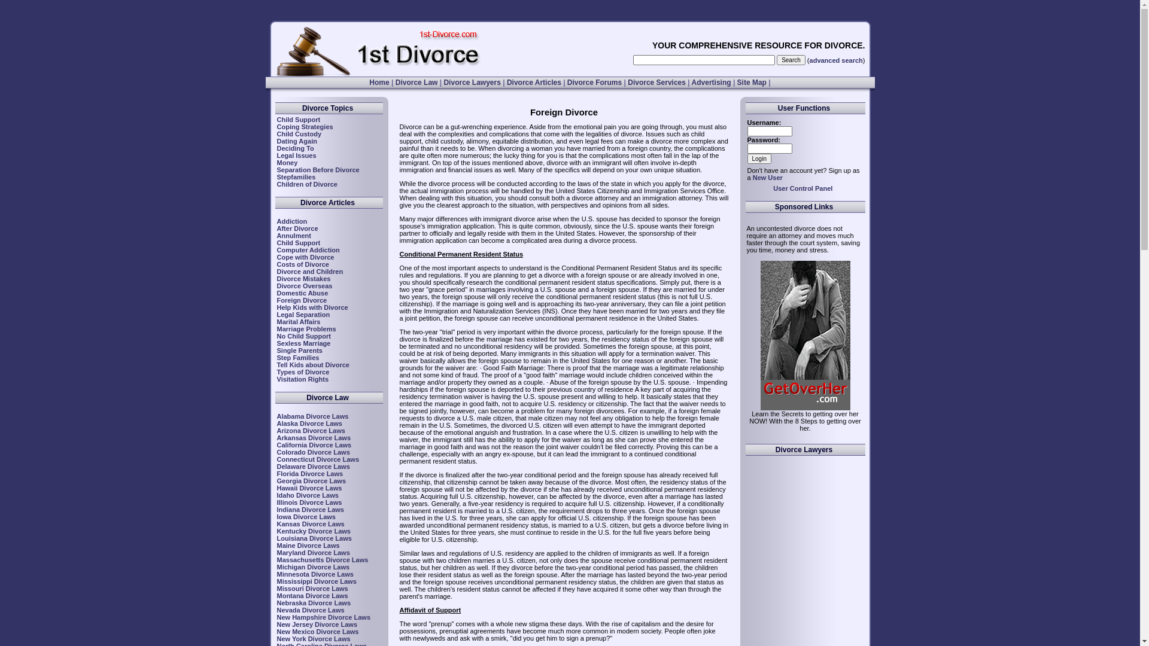  I want to click on 'Missouri Divorce Laws', so click(312, 587).